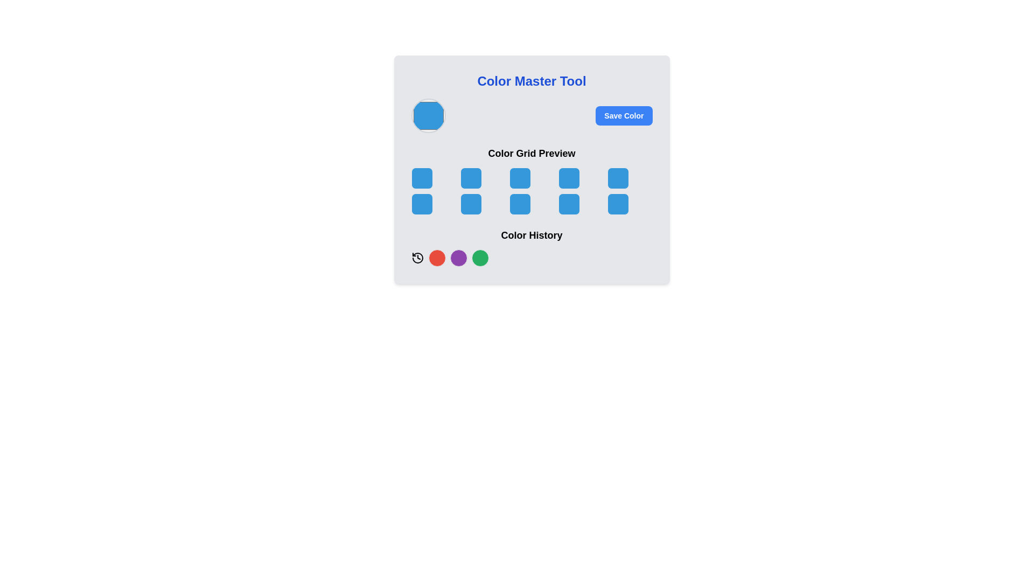 The width and height of the screenshot is (1034, 582). I want to click on the last circular color indicator with a green background in the Color History section to interact with it, so click(479, 258).